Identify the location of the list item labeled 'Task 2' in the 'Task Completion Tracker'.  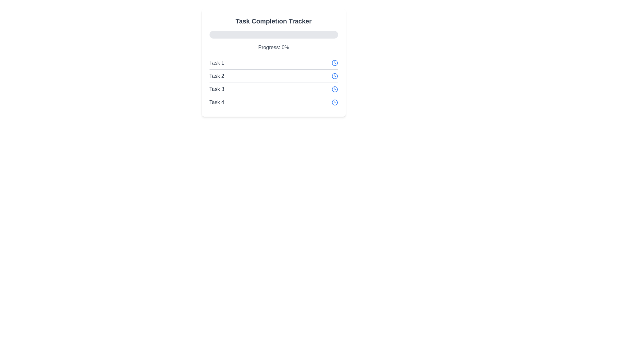
(273, 76).